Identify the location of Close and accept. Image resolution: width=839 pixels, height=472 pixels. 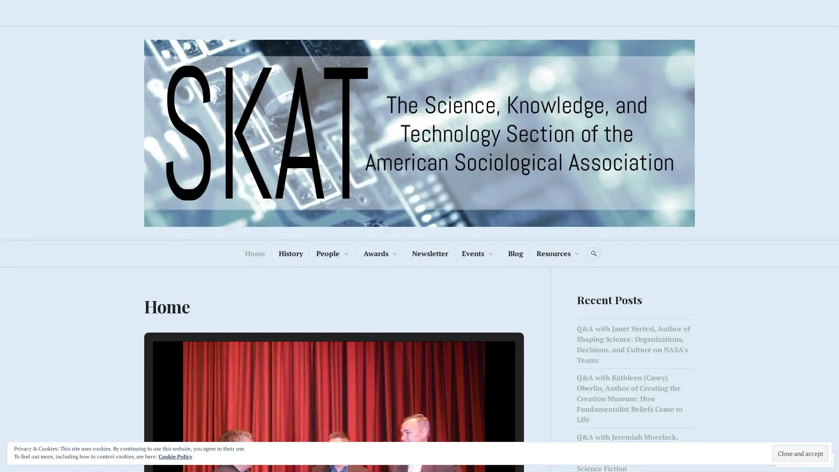
(801, 453).